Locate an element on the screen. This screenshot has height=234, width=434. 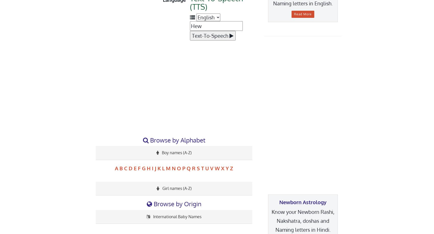
'W' is located at coordinates (214, 168).